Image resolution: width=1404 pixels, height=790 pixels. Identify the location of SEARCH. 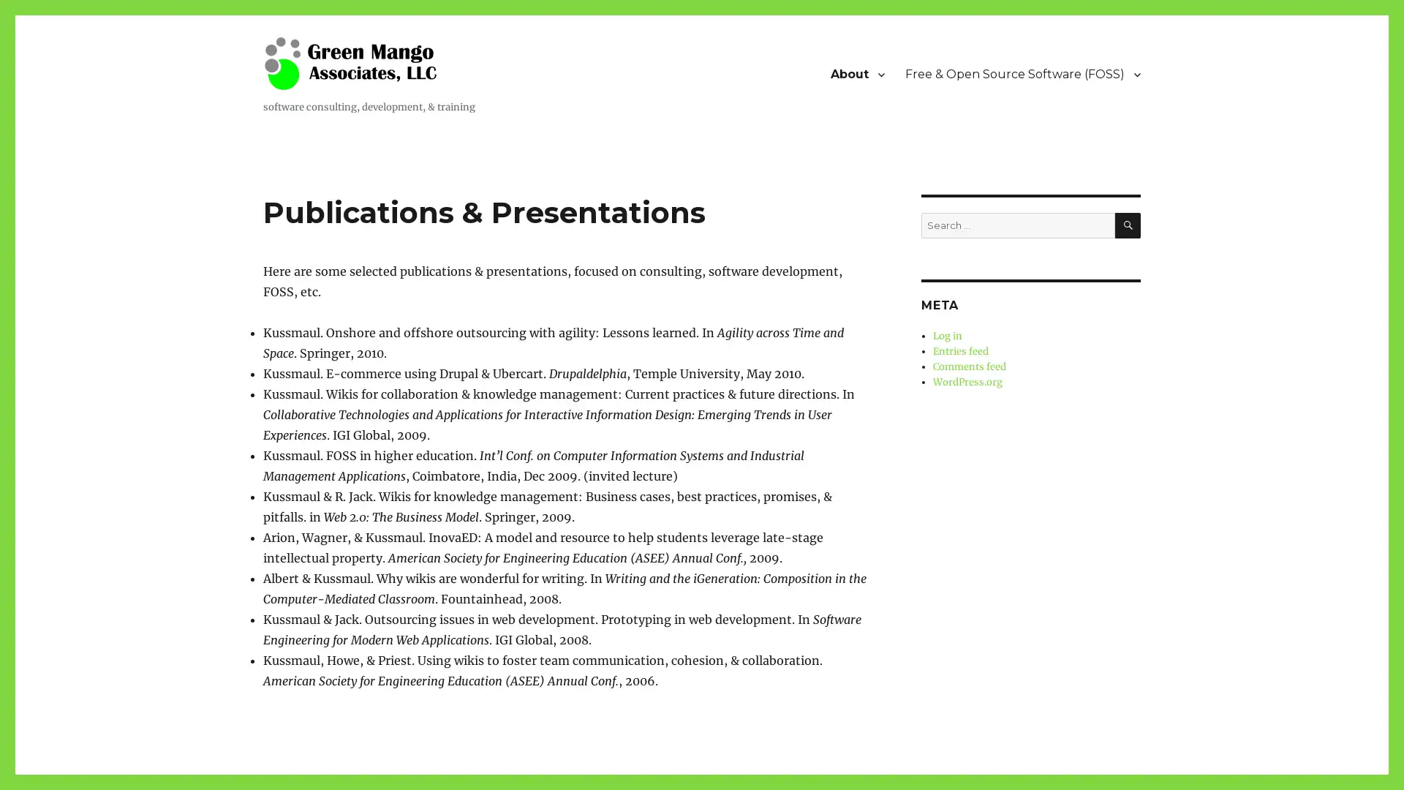
(1127, 225).